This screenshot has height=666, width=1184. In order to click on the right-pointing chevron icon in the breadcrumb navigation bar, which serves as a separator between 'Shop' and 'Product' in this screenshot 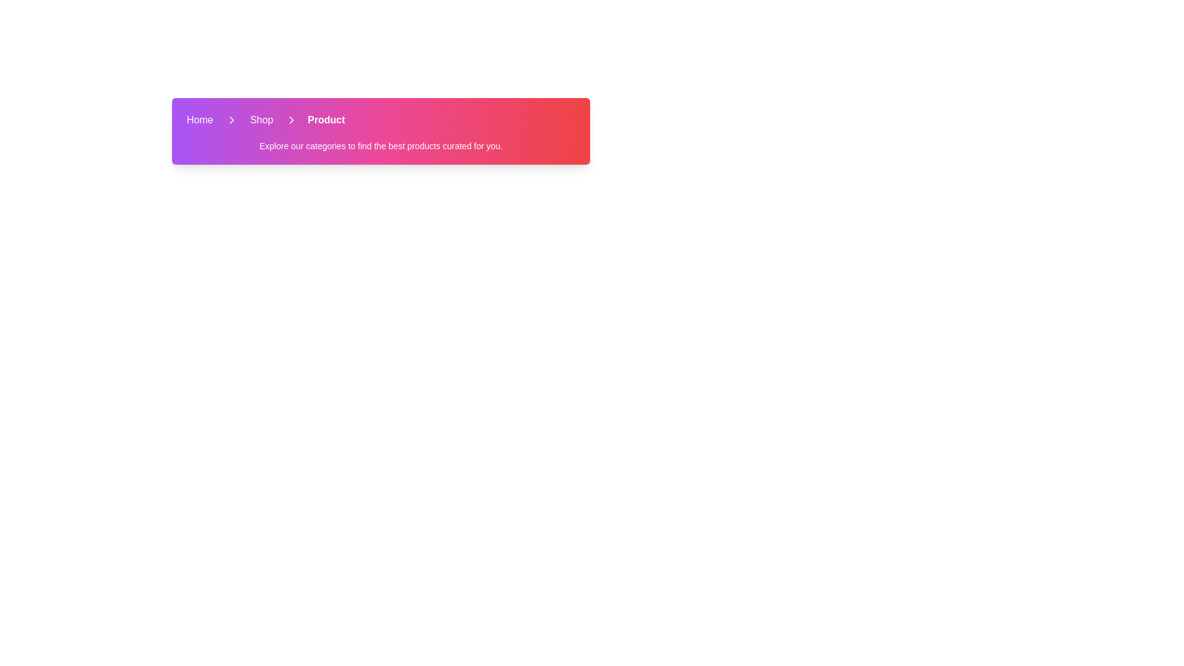, I will do `click(291, 120)`.